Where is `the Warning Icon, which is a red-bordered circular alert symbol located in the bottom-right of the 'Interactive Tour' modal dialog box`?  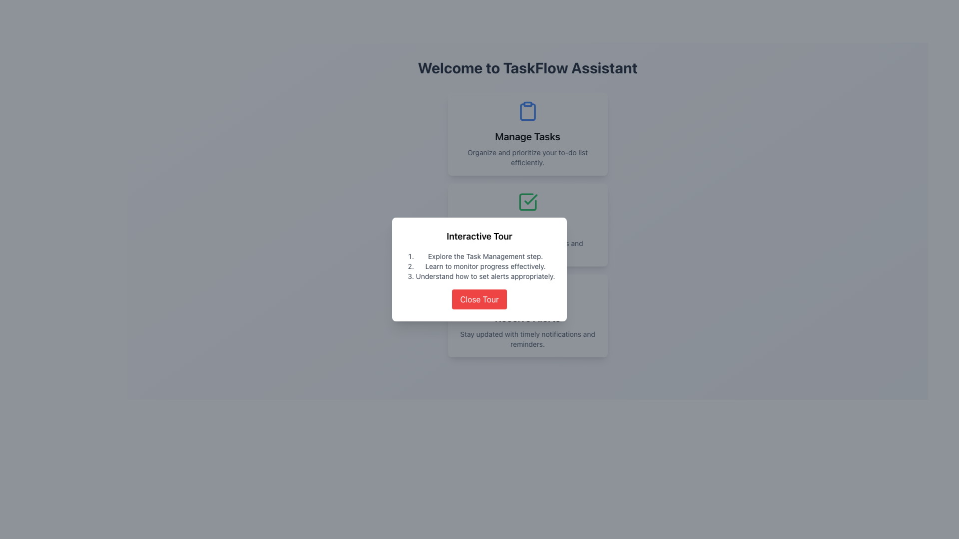
the Warning Icon, which is a red-bordered circular alert symbol located in the bottom-right of the 'Interactive Tour' modal dialog box is located at coordinates (527, 292).